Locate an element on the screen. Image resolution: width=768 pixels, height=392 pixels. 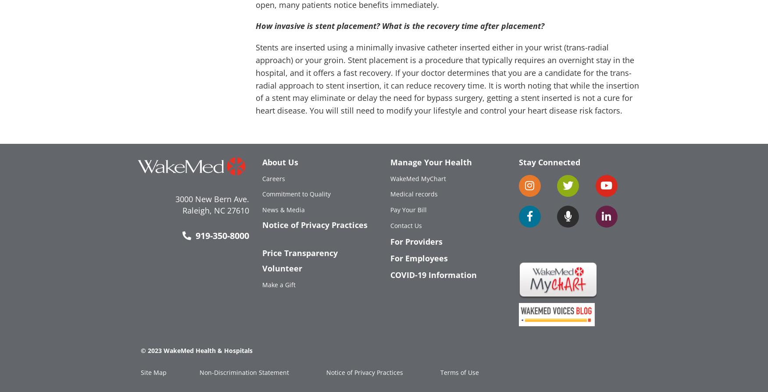
'COVID-19 Information' is located at coordinates (433, 274).